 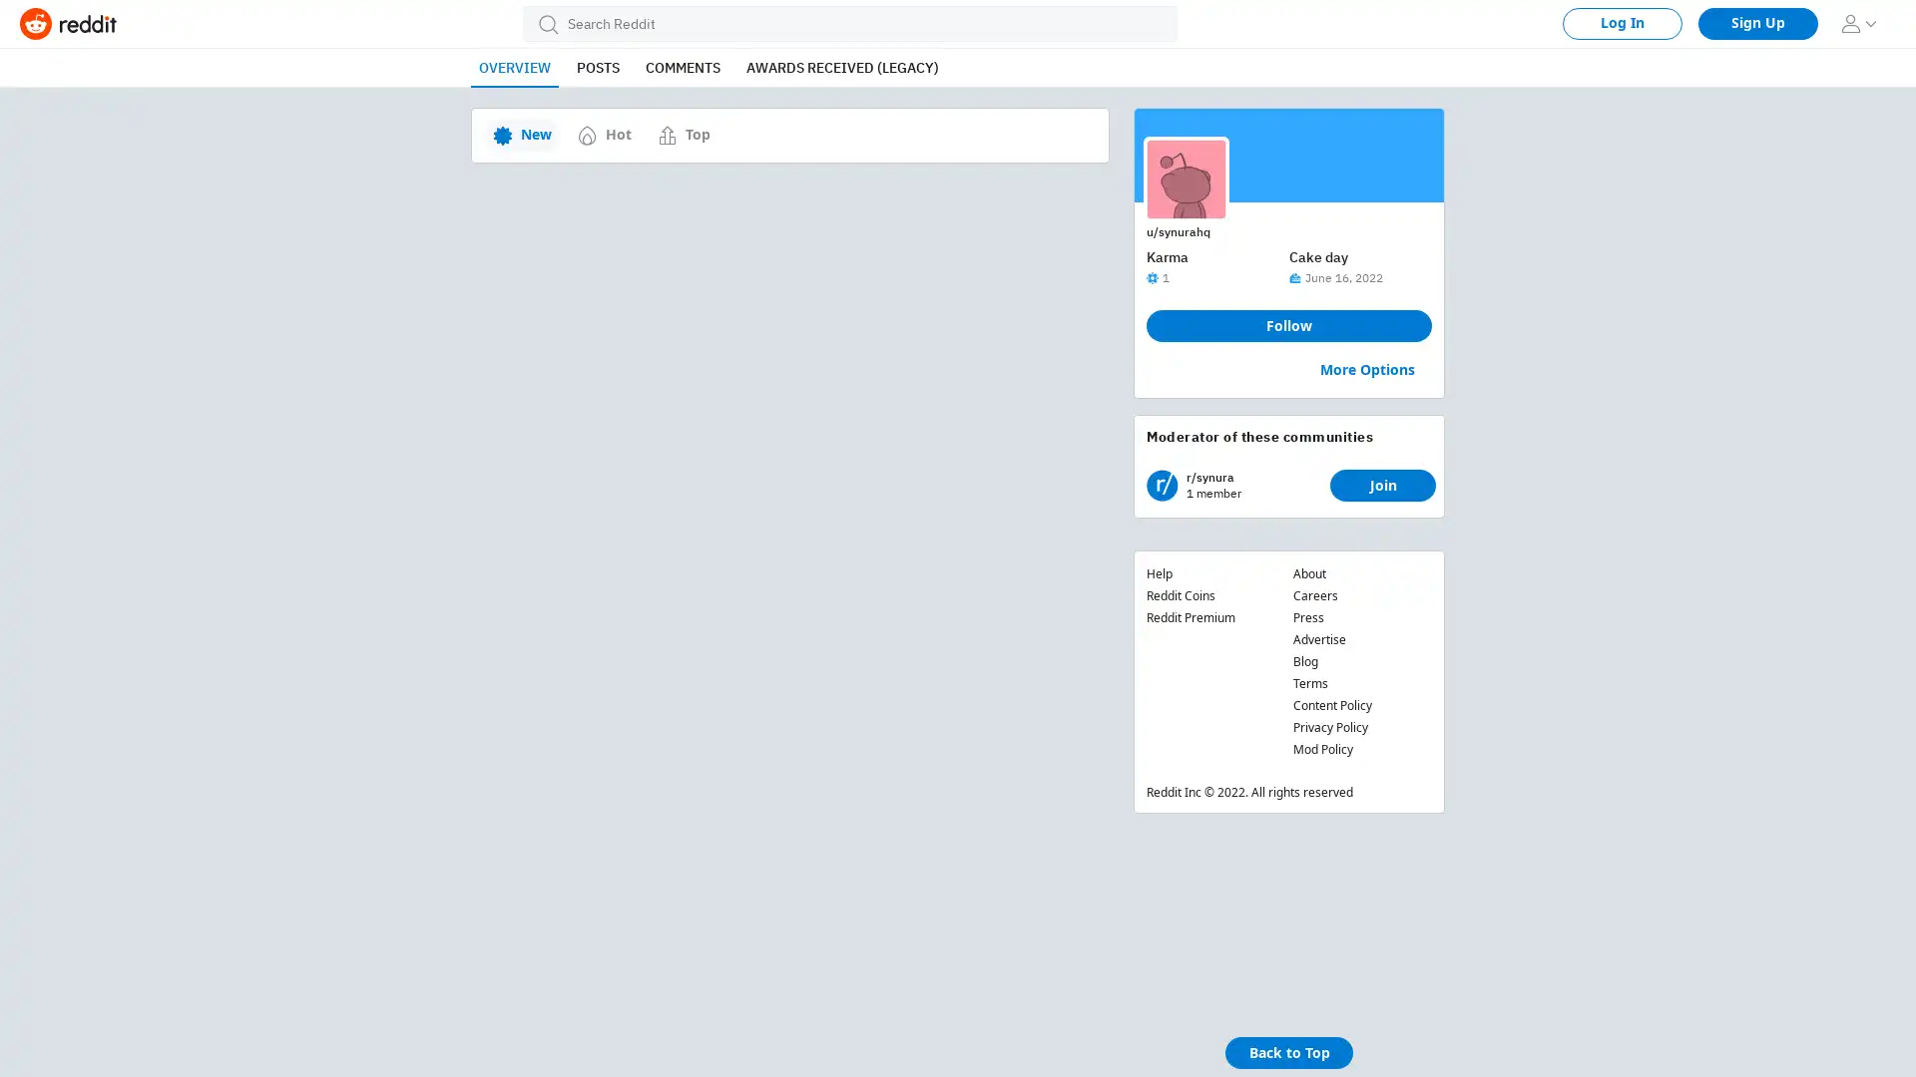 I want to click on downvote, so click(x=492, y=247).